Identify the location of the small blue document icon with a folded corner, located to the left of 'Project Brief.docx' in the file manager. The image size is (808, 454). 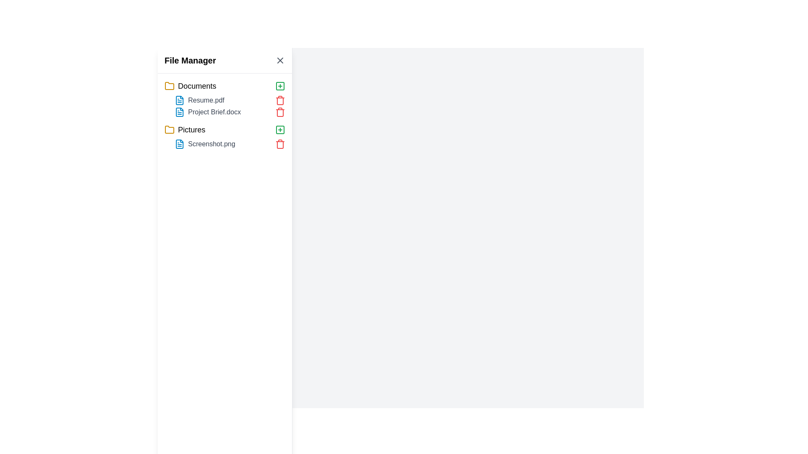
(179, 111).